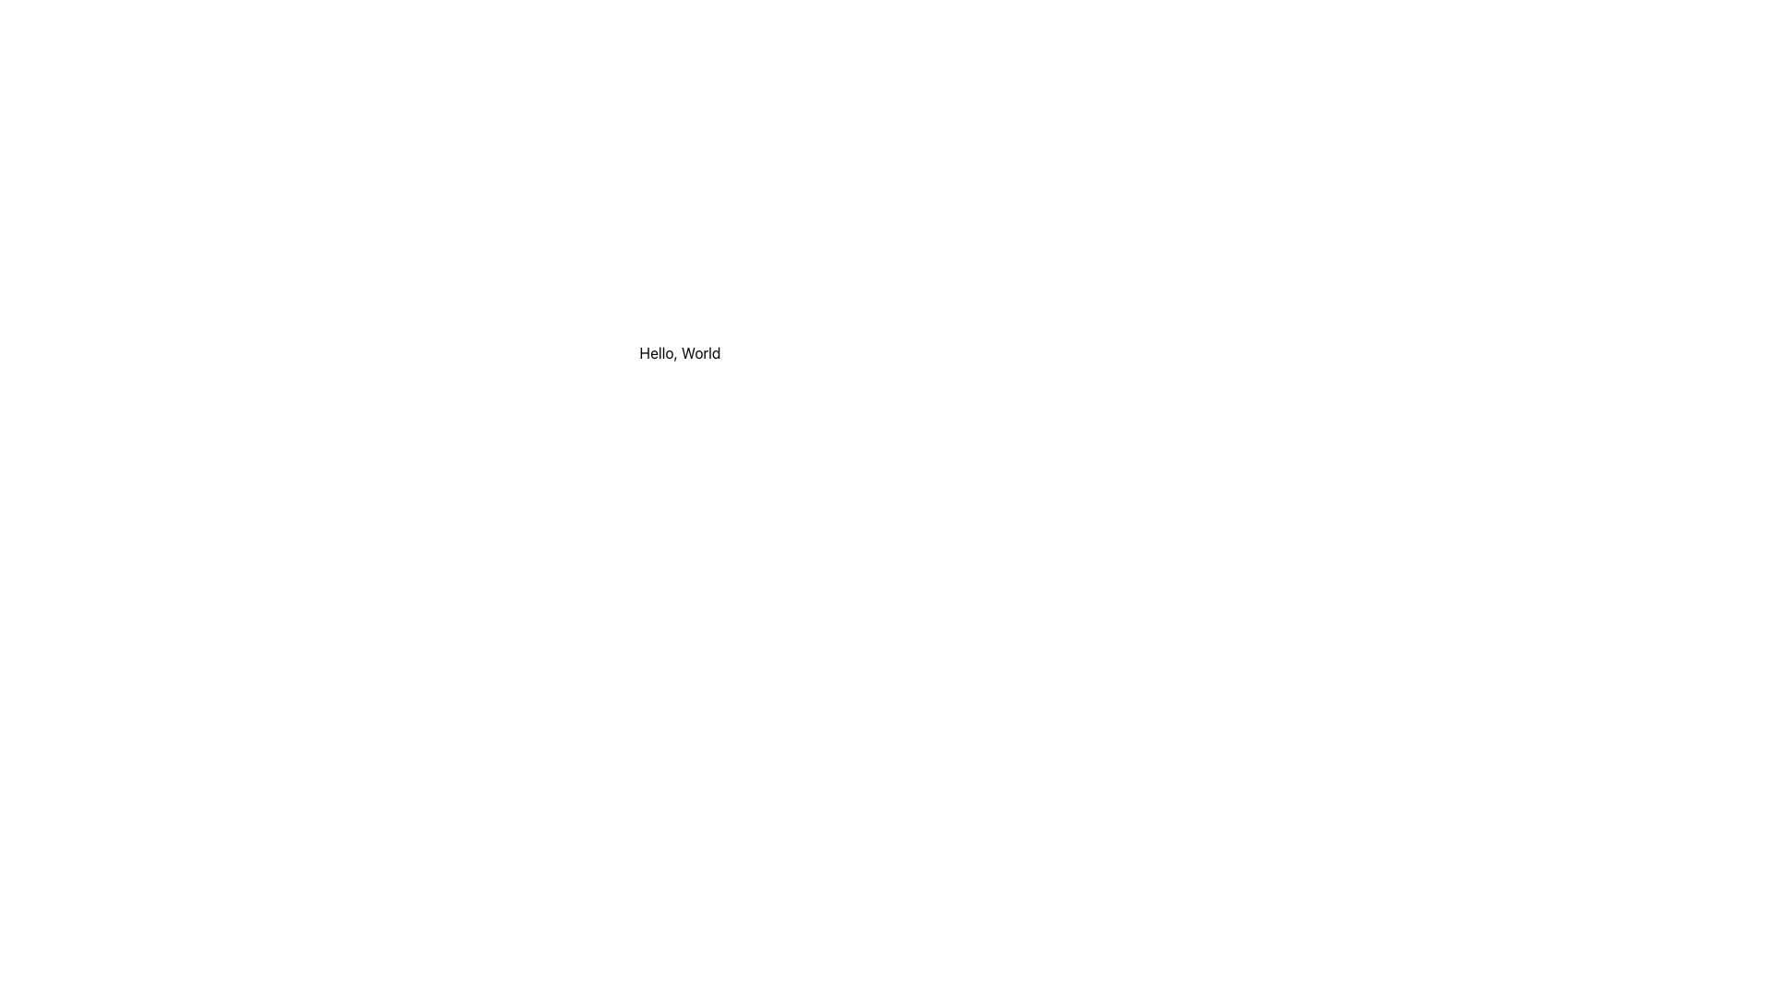 This screenshot has width=1771, height=996. I want to click on Text Display element that contains the text 'Hello, World', which is centered within its boundary in a fixed, scrollable section, so click(679, 352).